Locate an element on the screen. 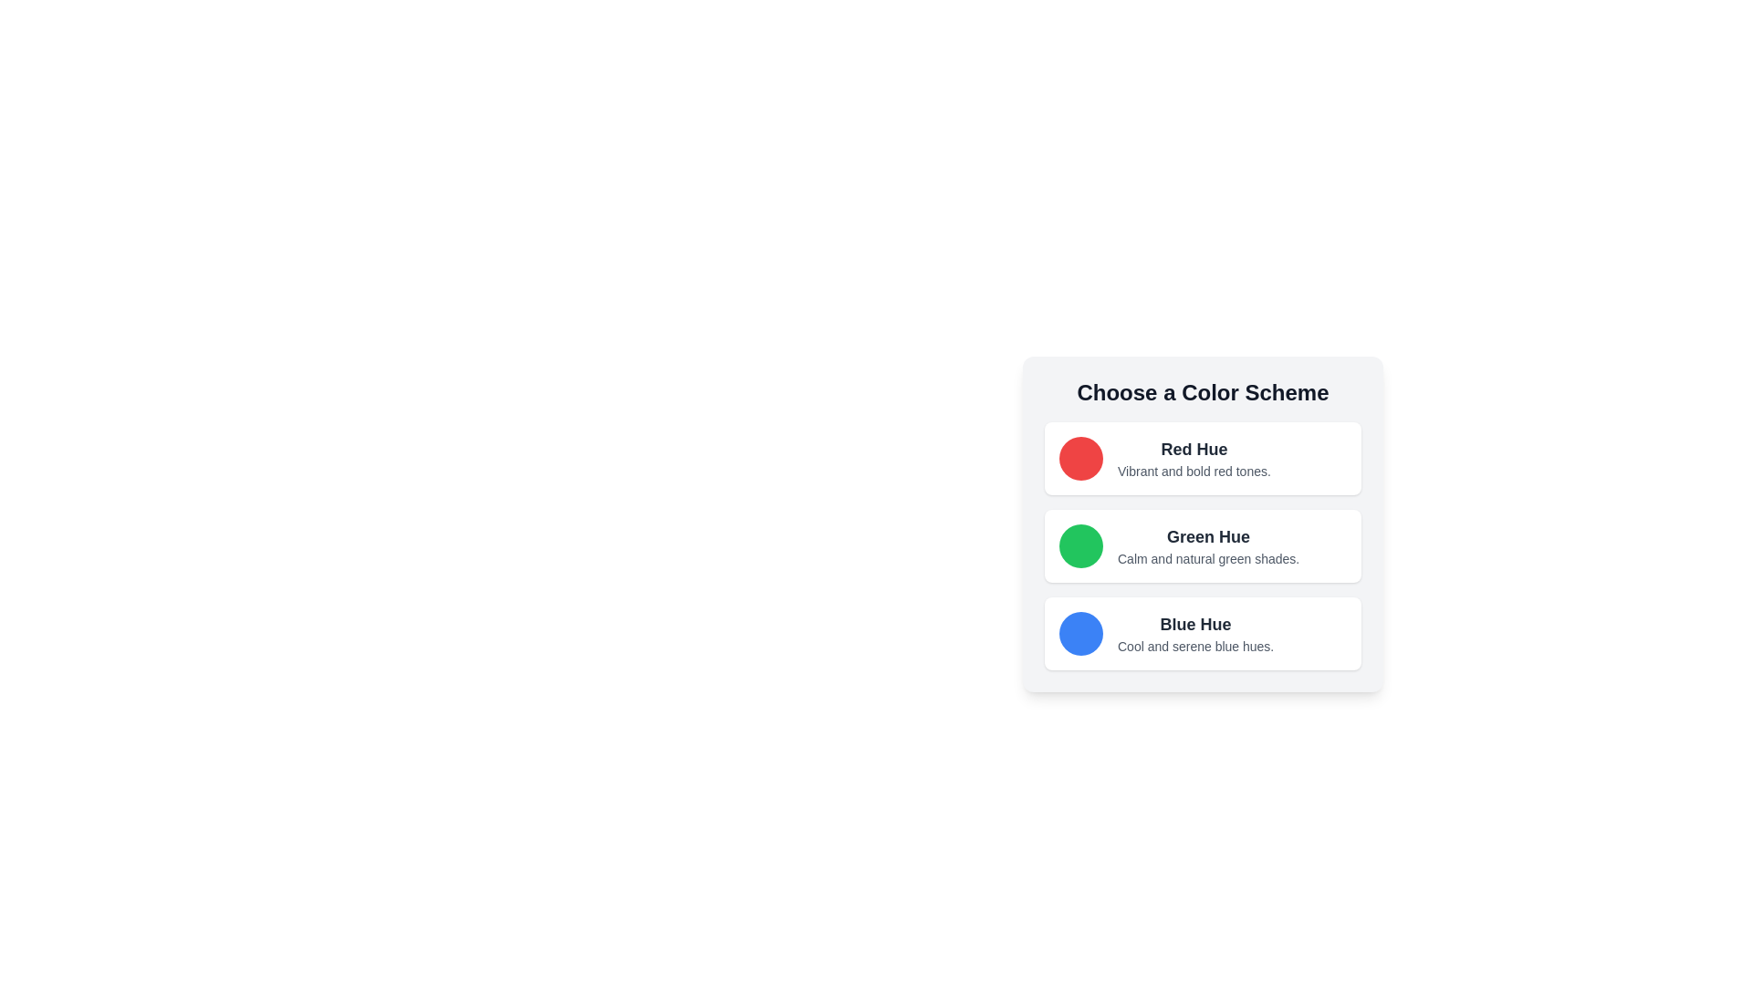 The image size is (1752, 985). text content of the 'Red Hue' label displayed in bold and larger font, located at the top of the card element for the 'Red Hue' color scheme option is located at coordinates (1194, 450).